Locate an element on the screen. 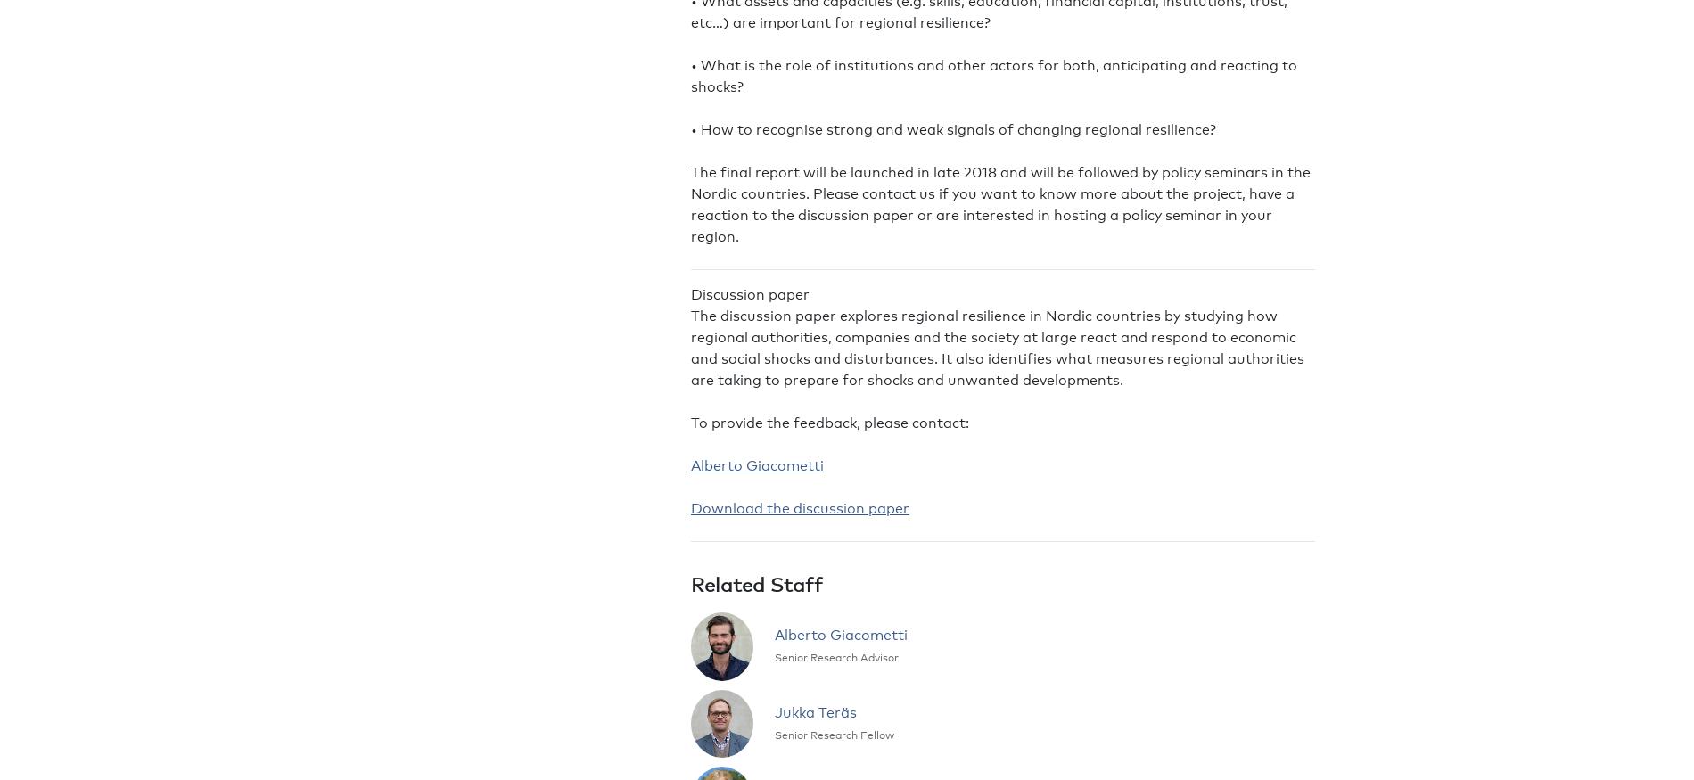 Image resolution: width=1694 pixels, height=780 pixels. 'The final report will be launched in late 2018 and will be followed by policy seminars in the Nordic countries. Please contact us if you want to know more about the project, have a reaction to the discussion paper or are interested in hosting a policy seminar in your region.' is located at coordinates (690, 203).